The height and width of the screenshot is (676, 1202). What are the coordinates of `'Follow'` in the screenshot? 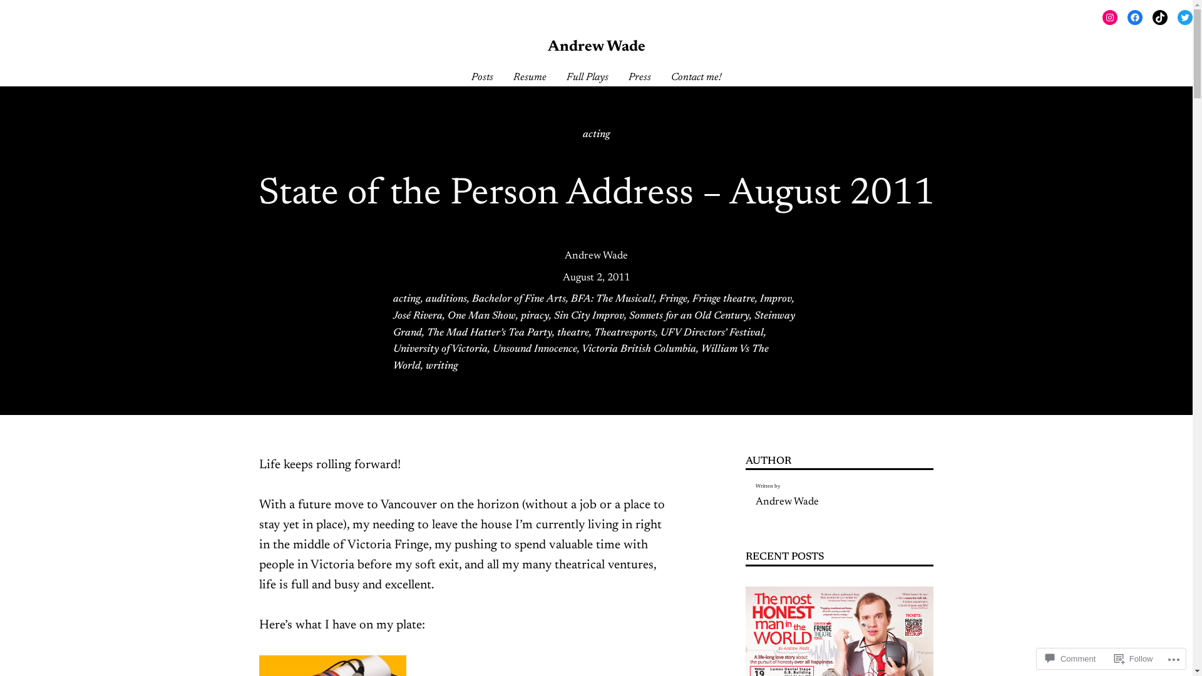 It's located at (1133, 658).